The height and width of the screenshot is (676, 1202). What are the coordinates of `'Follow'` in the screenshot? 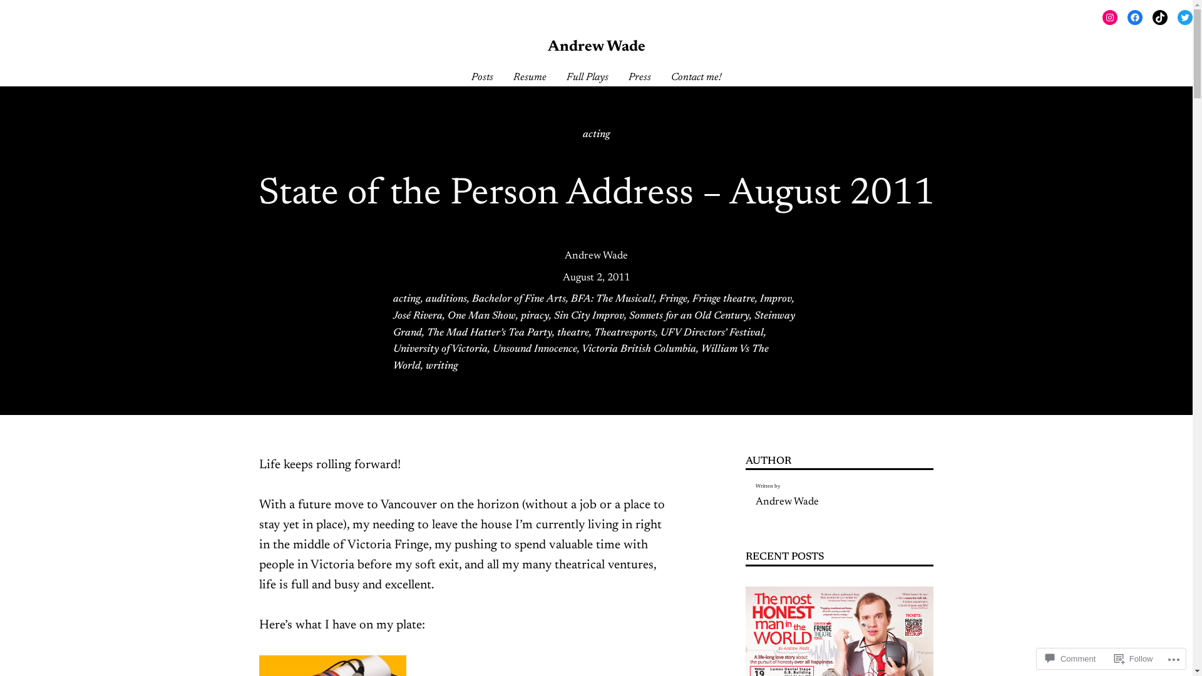 It's located at (1133, 658).